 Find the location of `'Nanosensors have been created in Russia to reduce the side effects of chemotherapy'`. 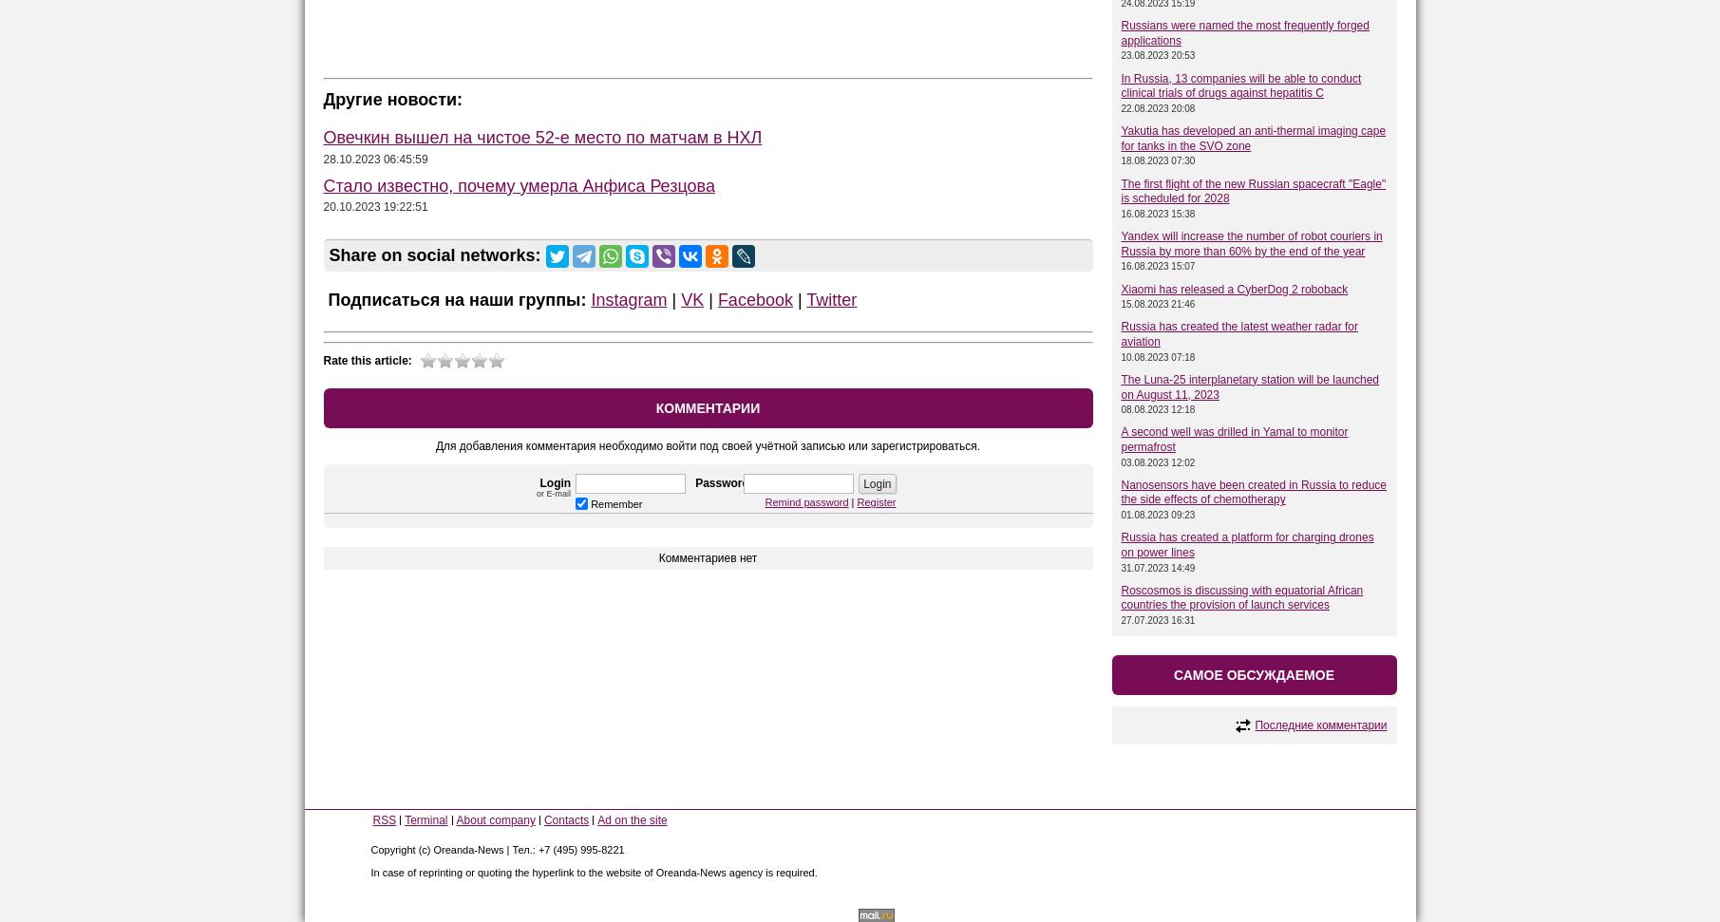

'Nanosensors have been created in Russia to reduce the side effects of chemotherapy' is located at coordinates (1120, 491).